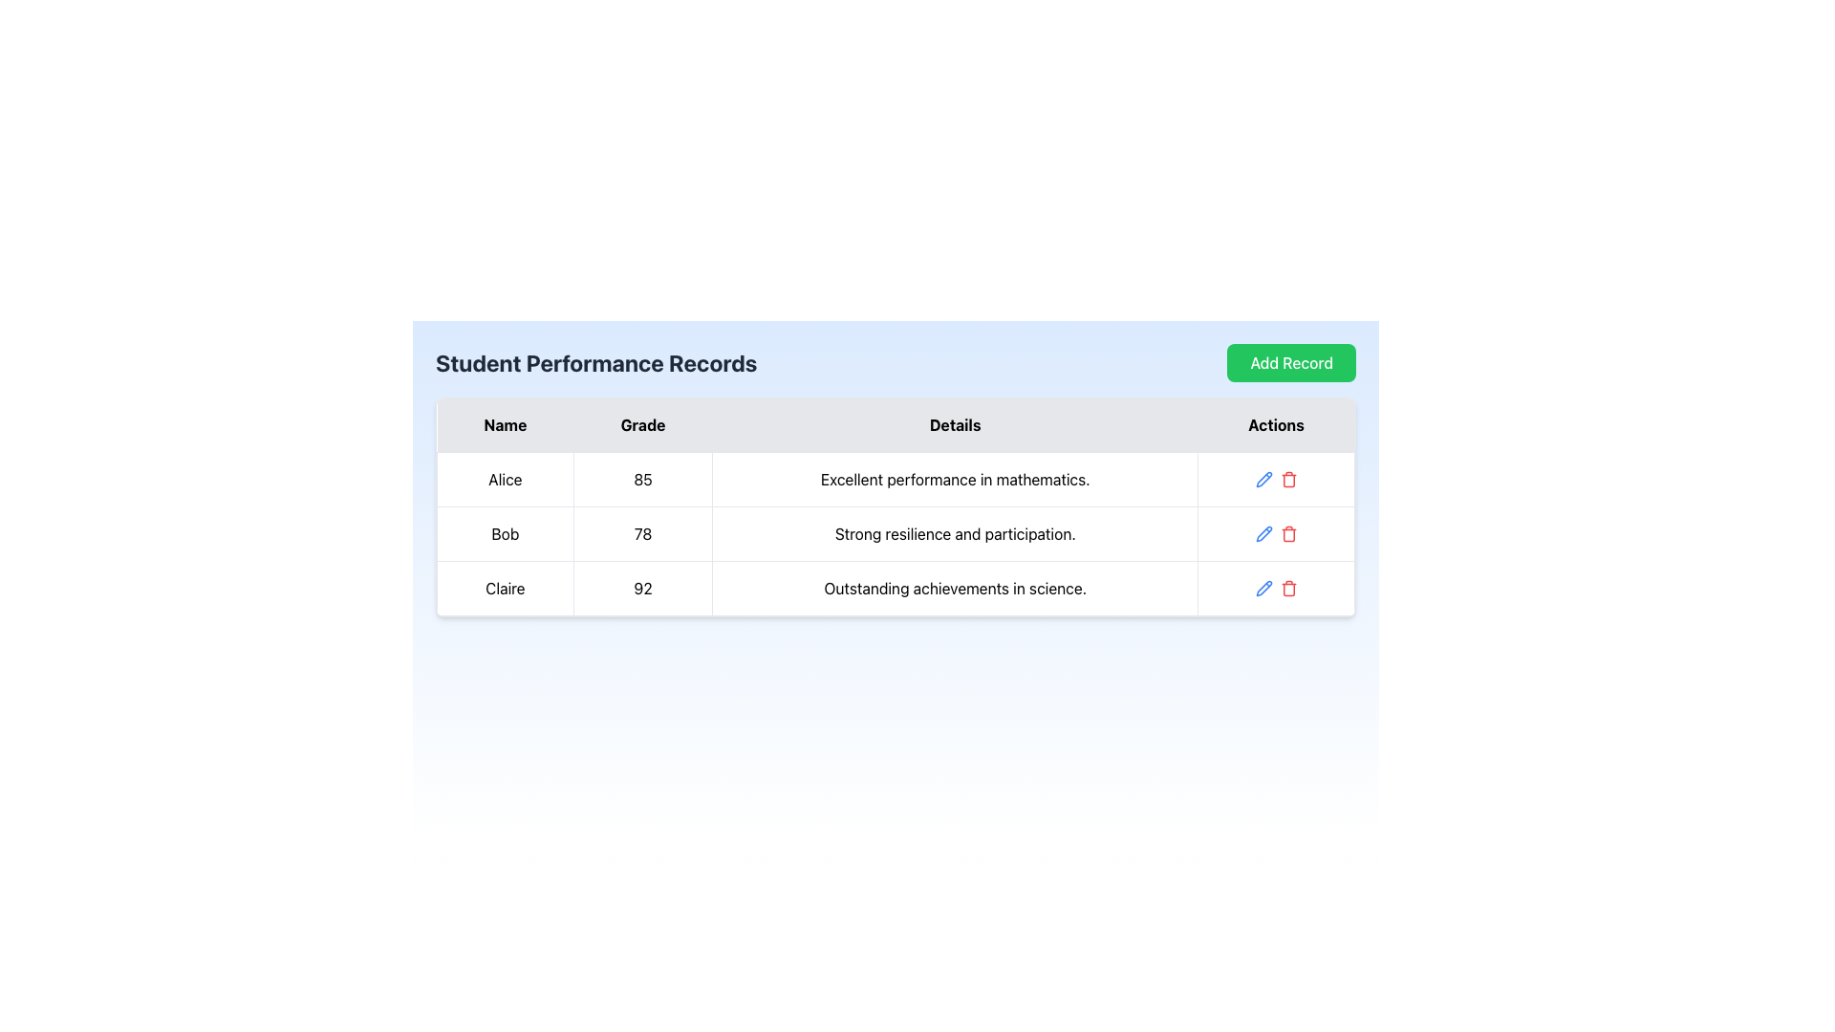  What do you see at coordinates (955, 424) in the screenshot?
I see `the Table Header labeled 'Details', which is the third column header in a table located between 'Grade' and 'Actions'` at bounding box center [955, 424].